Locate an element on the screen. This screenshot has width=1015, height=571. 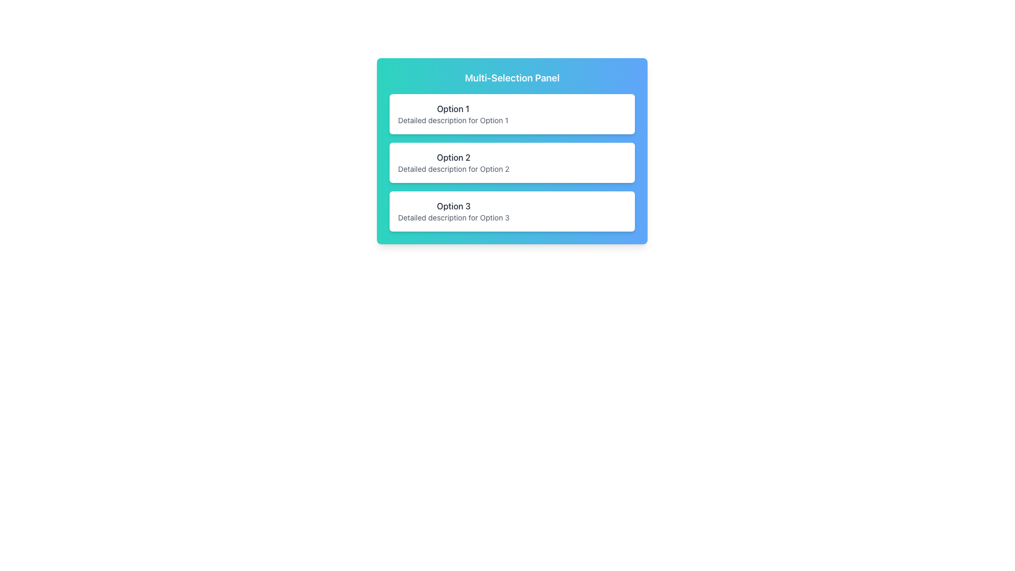
the selectable option titled 'Option 2' within the multi-selection panel is located at coordinates (454, 163).